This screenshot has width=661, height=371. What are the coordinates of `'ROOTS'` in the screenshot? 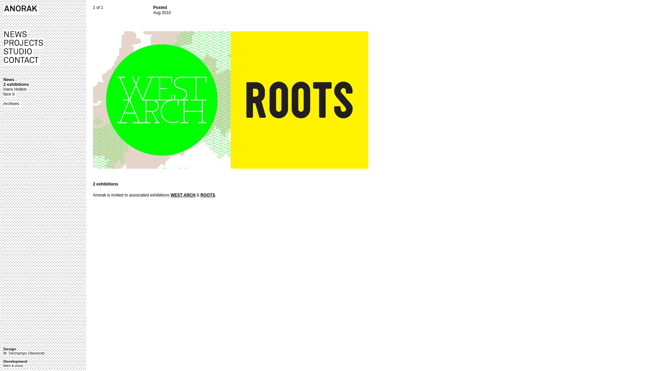 It's located at (200, 195).